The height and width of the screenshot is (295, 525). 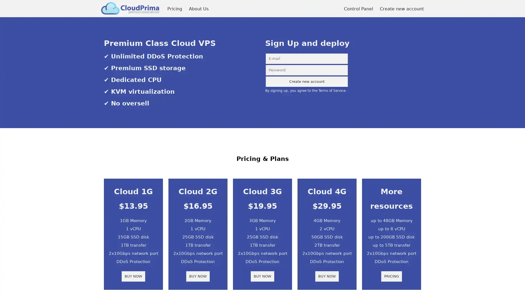 What do you see at coordinates (198, 276) in the screenshot?
I see `buy now` at bounding box center [198, 276].